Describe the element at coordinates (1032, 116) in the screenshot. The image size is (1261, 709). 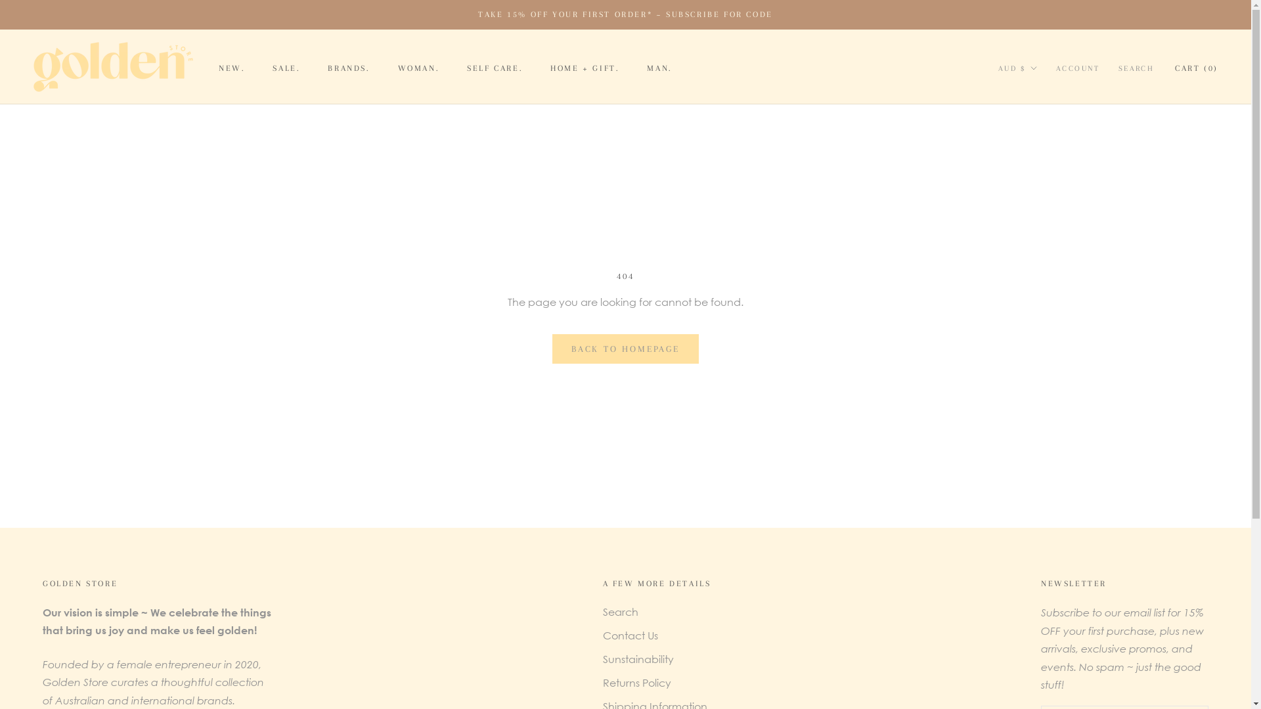
I see `'NZD'` at that location.